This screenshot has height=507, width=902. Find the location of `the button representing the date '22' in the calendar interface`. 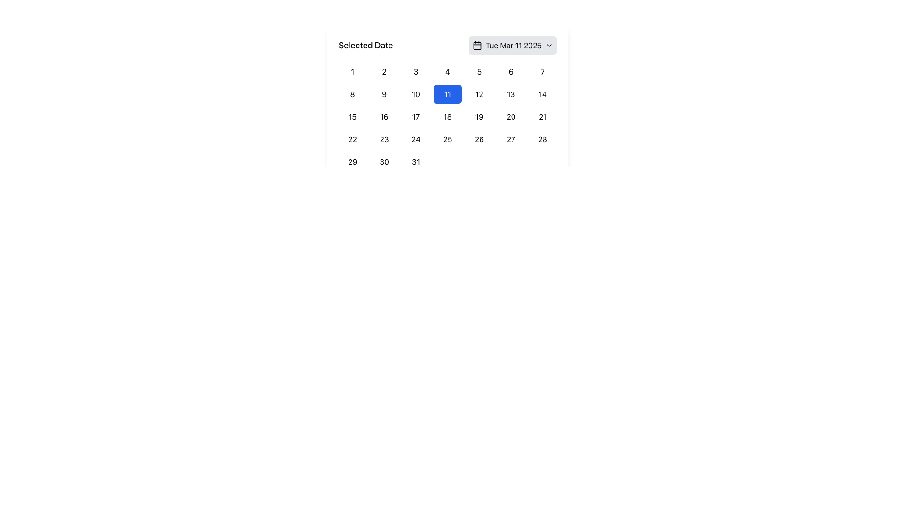

the button representing the date '22' in the calendar interface is located at coordinates (352, 139).